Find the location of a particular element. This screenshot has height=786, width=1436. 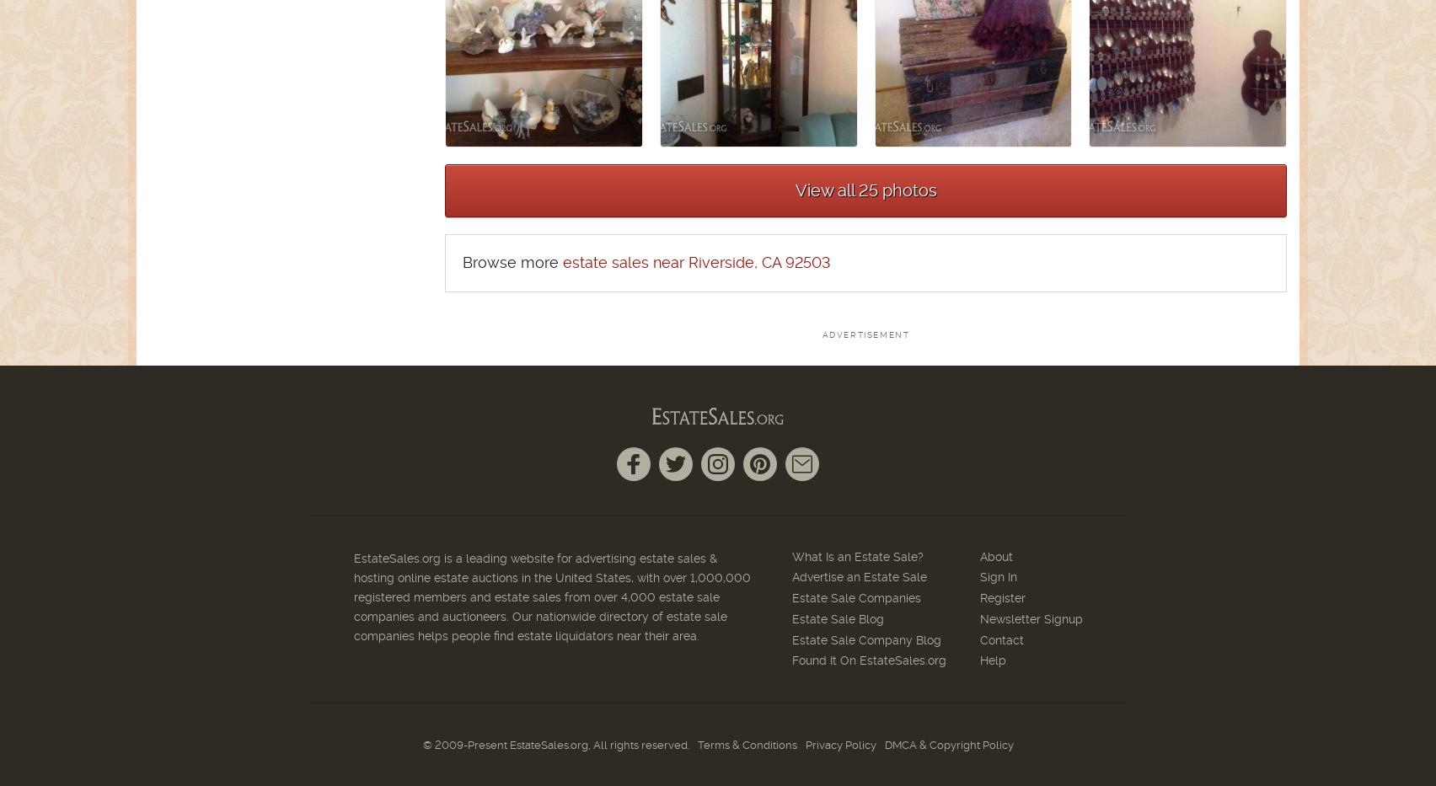

'Estate Sale Company Blog' is located at coordinates (791, 638).